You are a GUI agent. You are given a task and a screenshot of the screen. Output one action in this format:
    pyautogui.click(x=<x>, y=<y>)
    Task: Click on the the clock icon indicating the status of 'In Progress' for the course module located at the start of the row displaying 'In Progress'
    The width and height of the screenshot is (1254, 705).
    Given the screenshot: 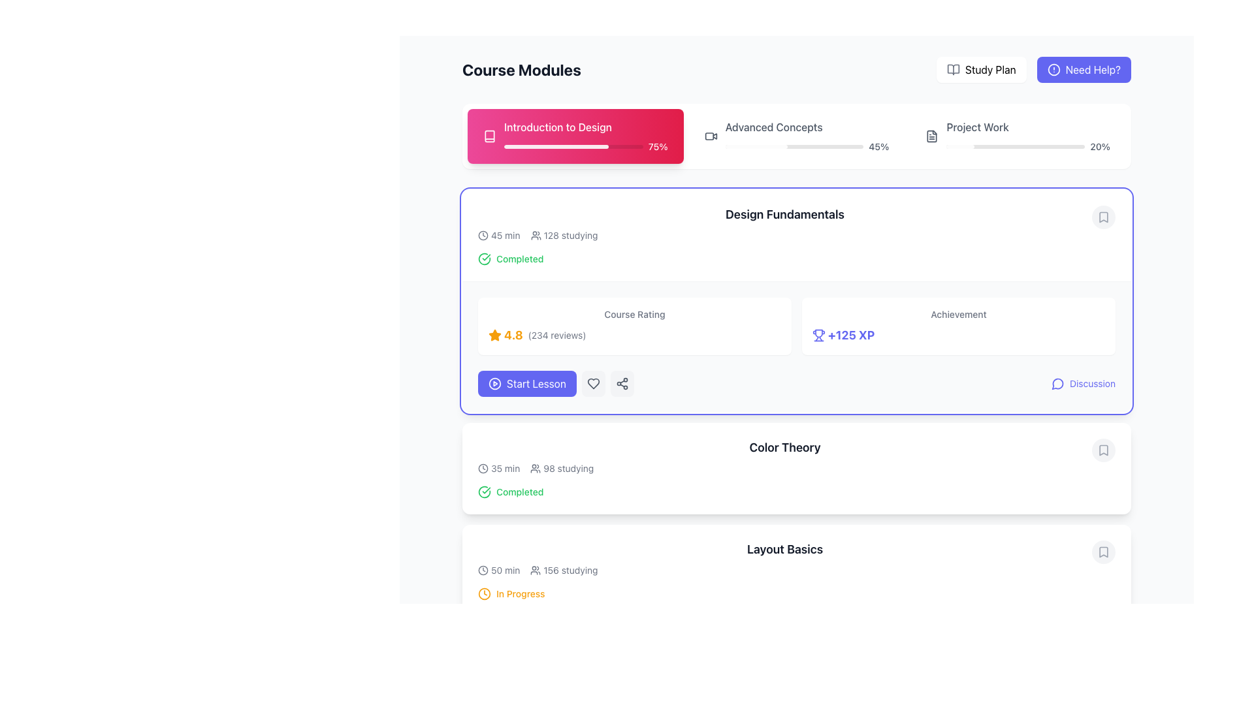 What is the action you would take?
    pyautogui.click(x=484, y=594)
    